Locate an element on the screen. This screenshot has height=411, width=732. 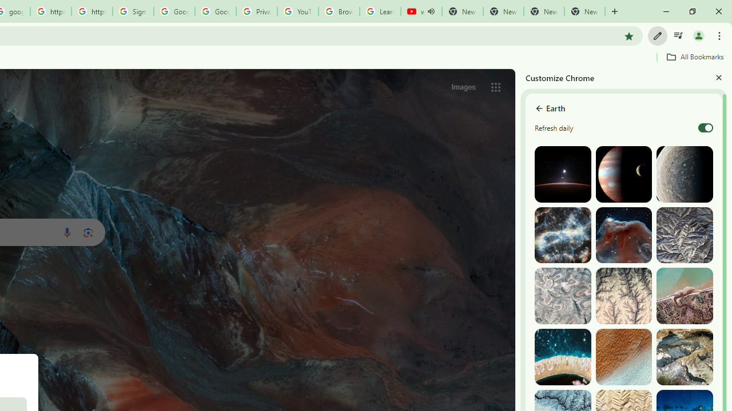
'Sanaag, Somalia' is located at coordinates (623, 295).